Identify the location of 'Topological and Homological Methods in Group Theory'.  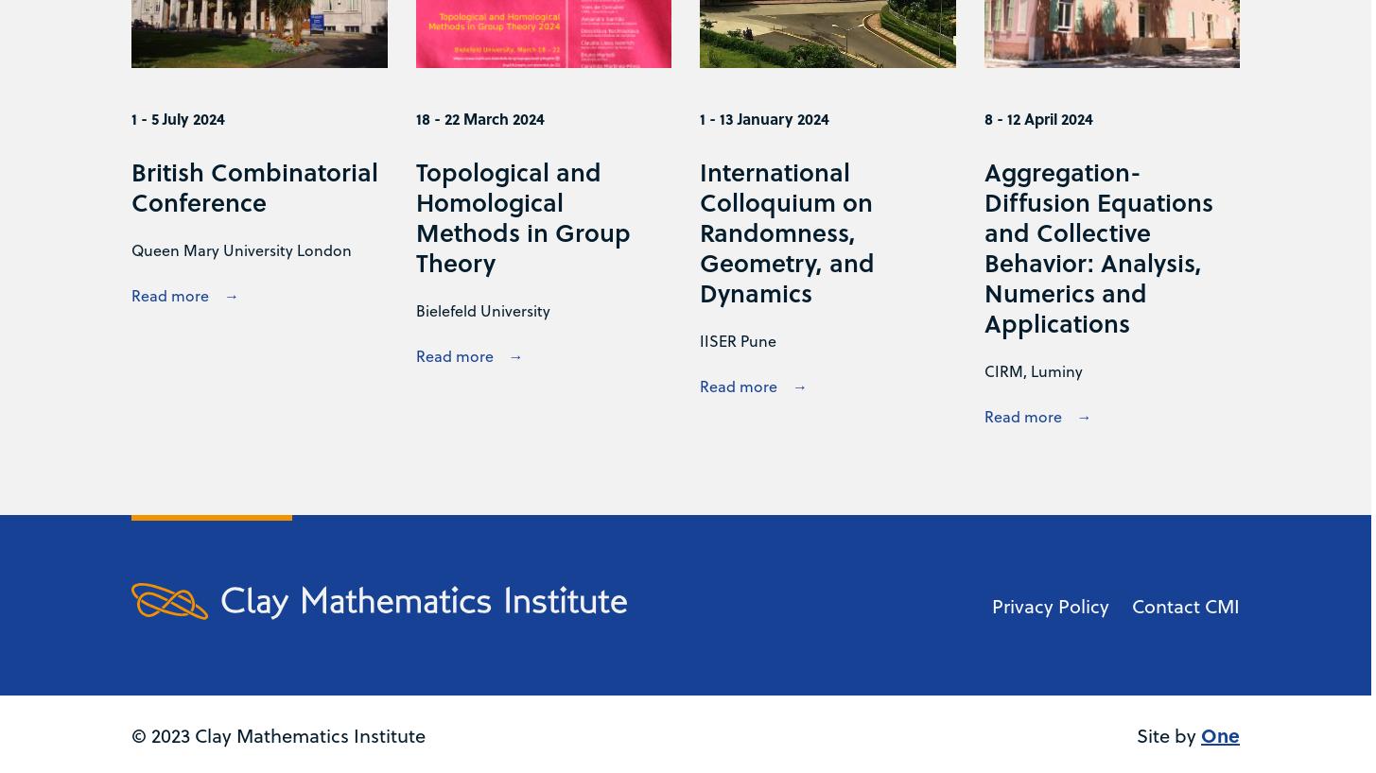
(522, 215).